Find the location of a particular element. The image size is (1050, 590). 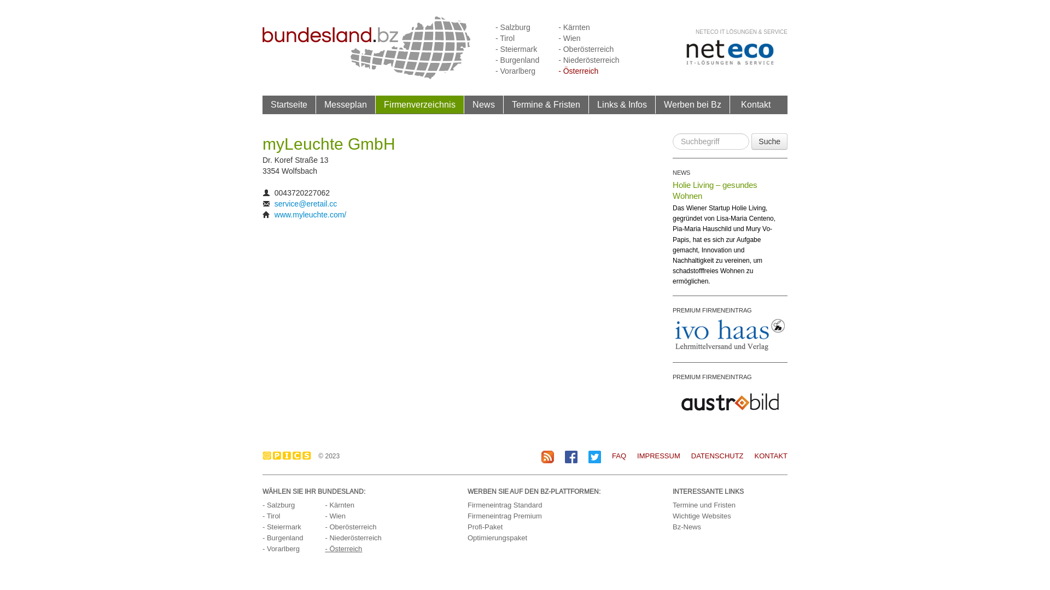

'NEWS' is located at coordinates (681, 172).